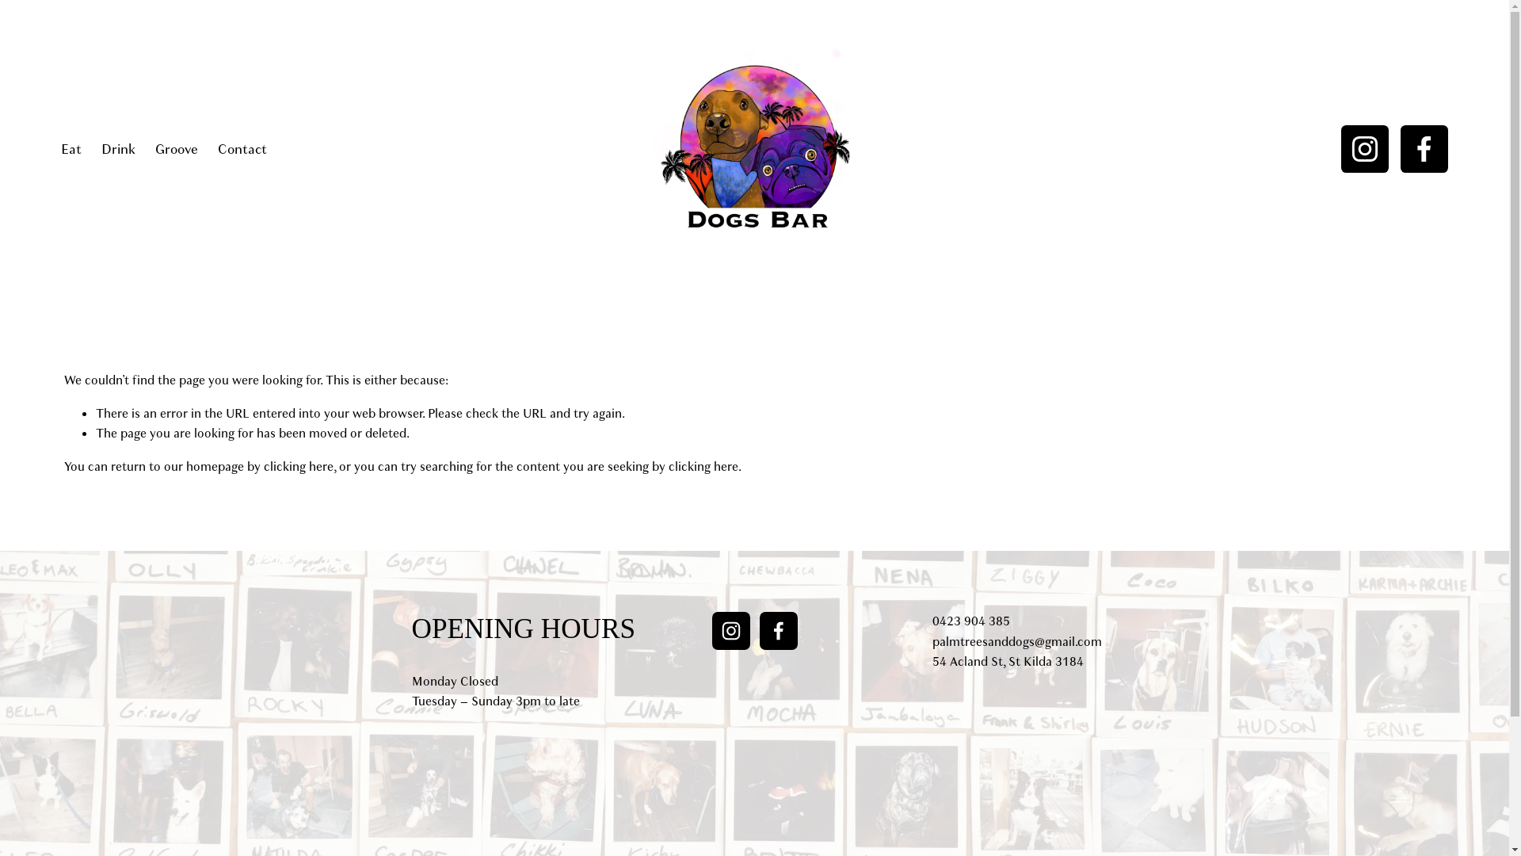 This screenshot has height=856, width=1521. I want to click on 'Drink', so click(117, 149).